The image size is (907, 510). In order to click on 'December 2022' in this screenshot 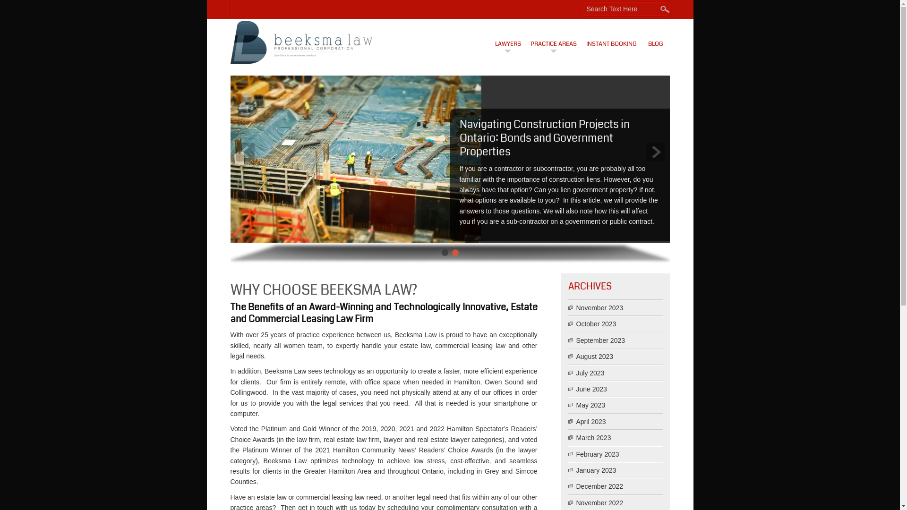, I will do `click(599, 486)`.